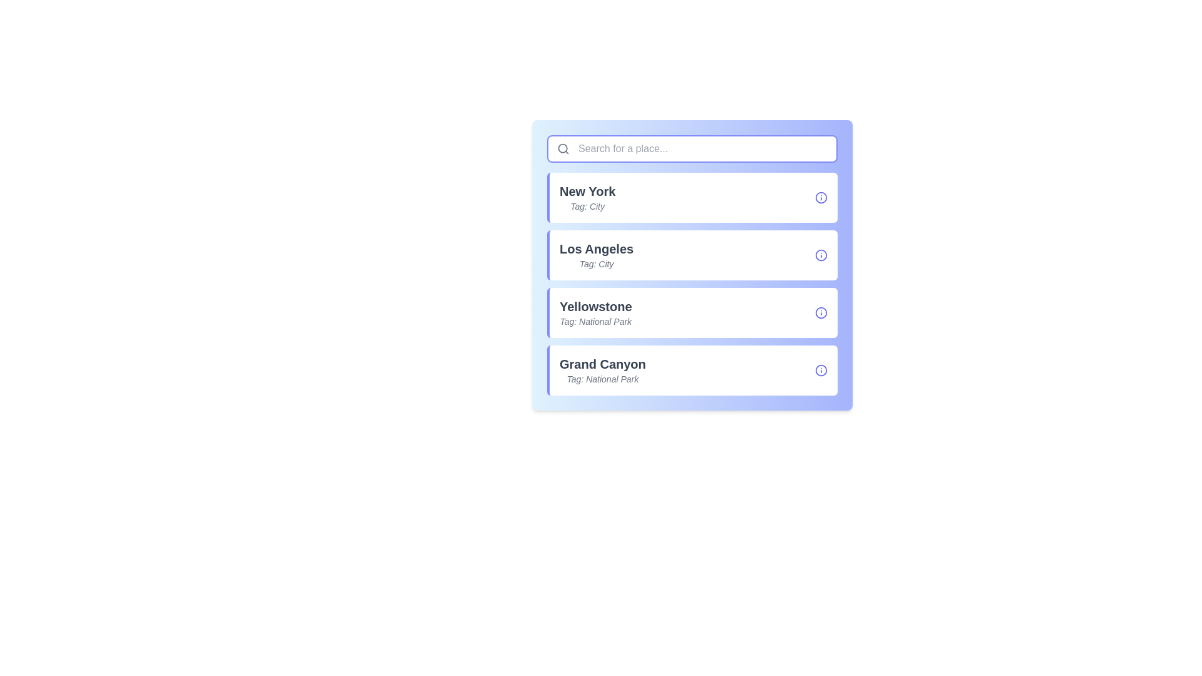  What do you see at coordinates (595, 320) in the screenshot?
I see `the static text label styled in a smaller font size, italicized, and colored gray, reading 'Tag: National Park', which is positioned below the bold title 'Yellowstone'` at bounding box center [595, 320].